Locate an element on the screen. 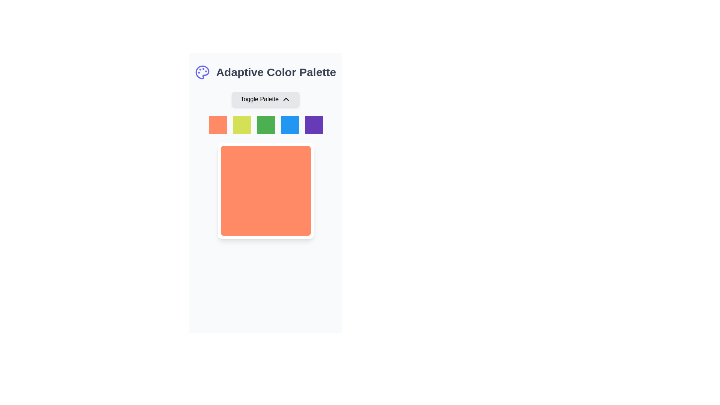 The height and width of the screenshot is (405, 720). the square-shaped Visual Display with a light orange color and rounded borders, located in the lower half of the layout is located at coordinates (265, 190).